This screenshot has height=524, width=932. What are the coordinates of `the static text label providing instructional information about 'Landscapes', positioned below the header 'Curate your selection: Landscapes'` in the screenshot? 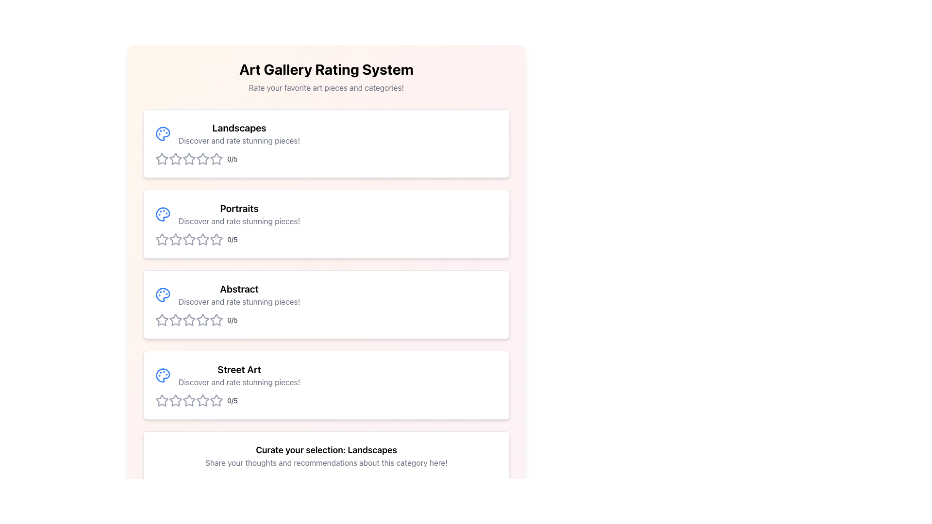 It's located at (326, 462).